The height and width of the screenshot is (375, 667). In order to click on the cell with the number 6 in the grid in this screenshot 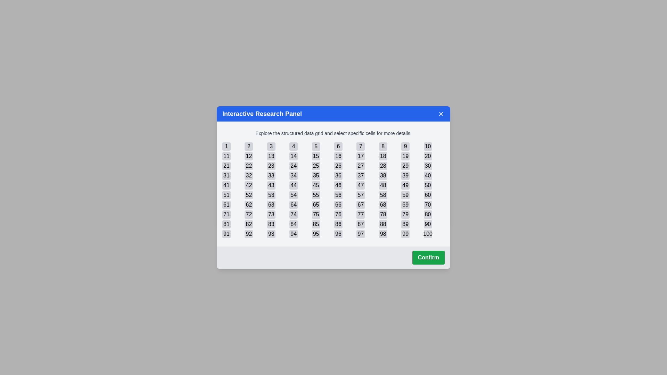, I will do `click(338, 146)`.